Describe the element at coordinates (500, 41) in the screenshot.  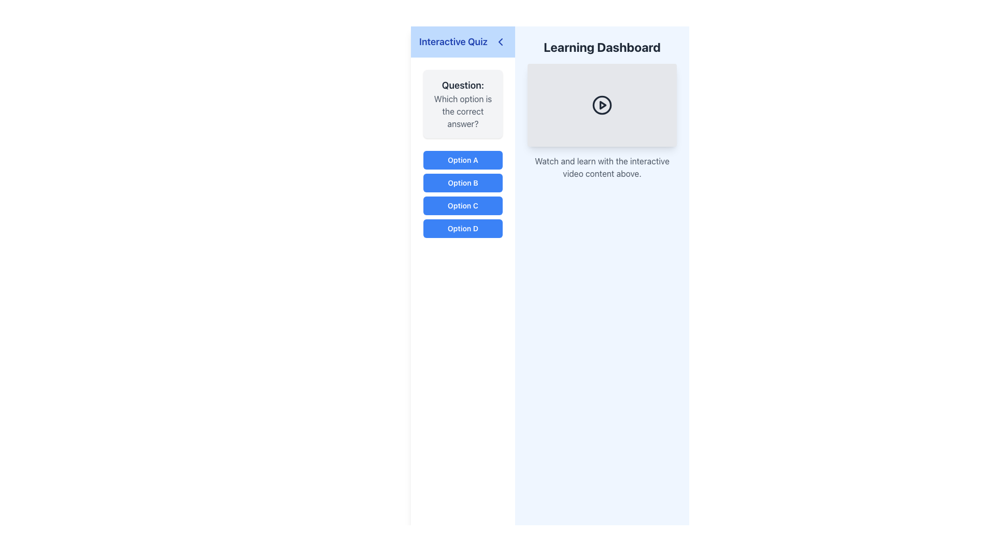
I see `the navigation button located to the right of the 'Interactive Quiz' text in the header bar` at that location.